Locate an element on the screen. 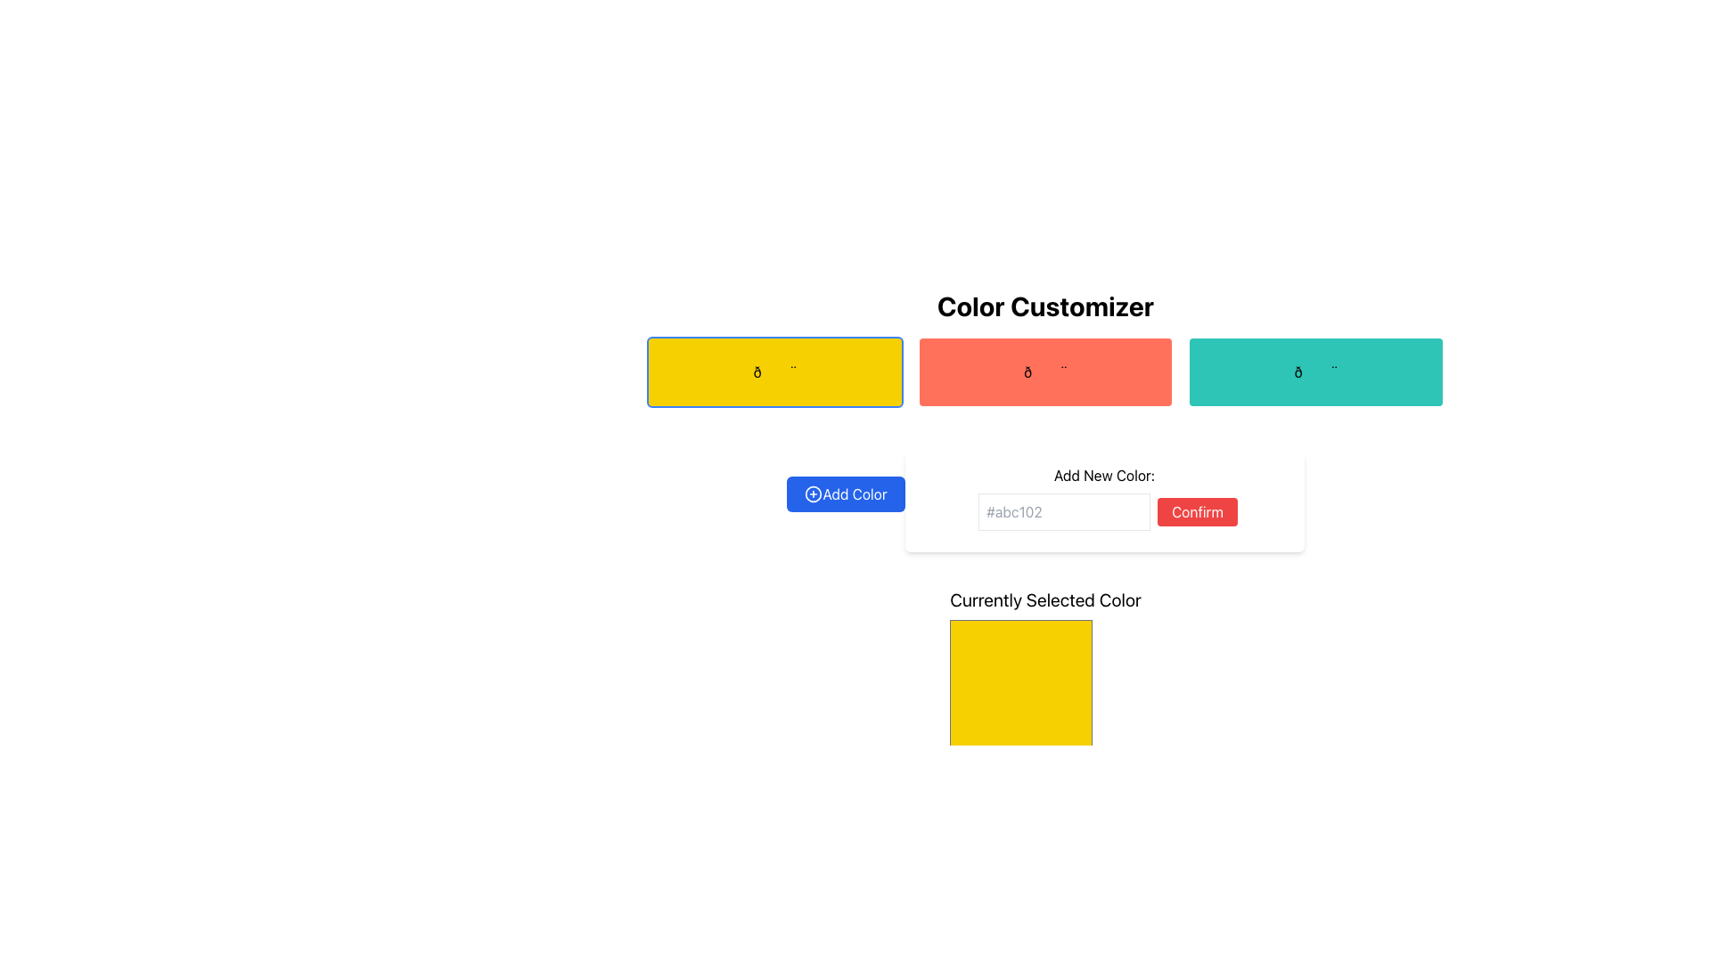 The width and height of the screenshot is (1711, 962). the 'Confirm' button, which is a red rectangular button with white text and rounded corners, to confirm the action is located at coordinates (1198, 511).